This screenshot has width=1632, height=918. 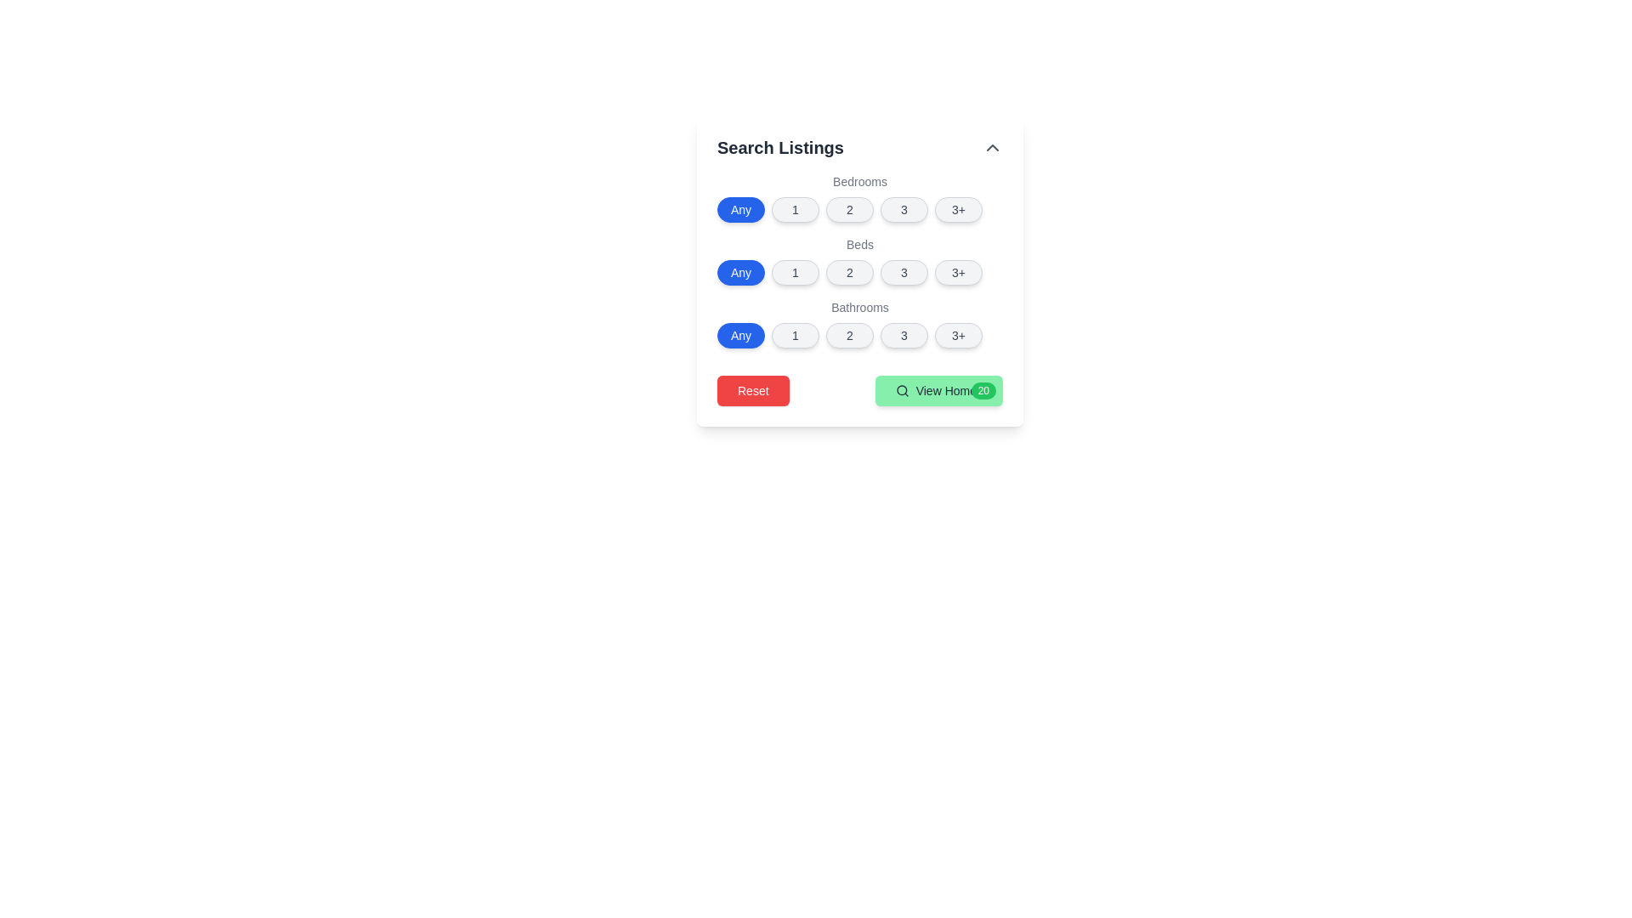 I want to click on the interactive button in the bottom-right corner of the 'Search Listings' card layout for keyboard interaction, so click(x=938, y=390).